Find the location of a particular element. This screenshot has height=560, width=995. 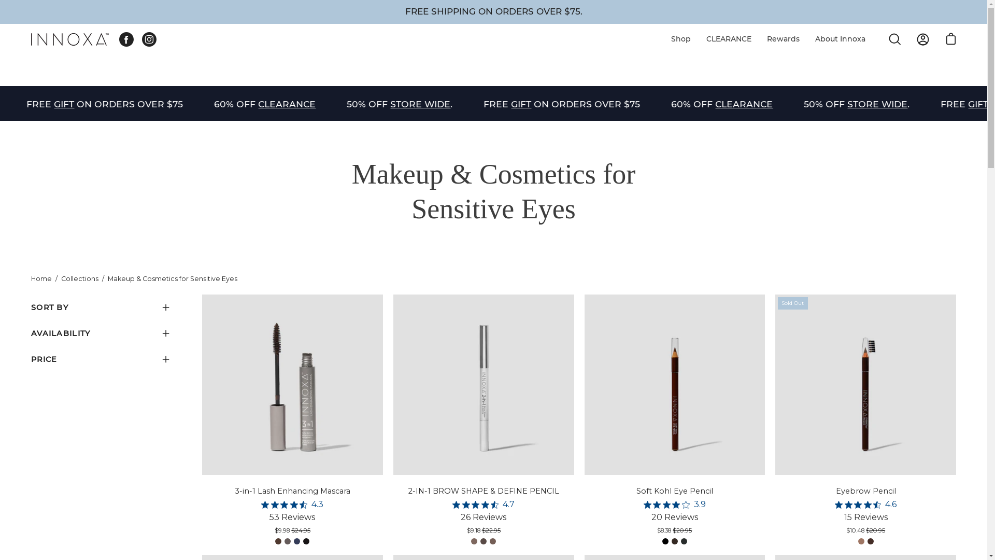

'SORT BY' is located at coordinates (101, 307).